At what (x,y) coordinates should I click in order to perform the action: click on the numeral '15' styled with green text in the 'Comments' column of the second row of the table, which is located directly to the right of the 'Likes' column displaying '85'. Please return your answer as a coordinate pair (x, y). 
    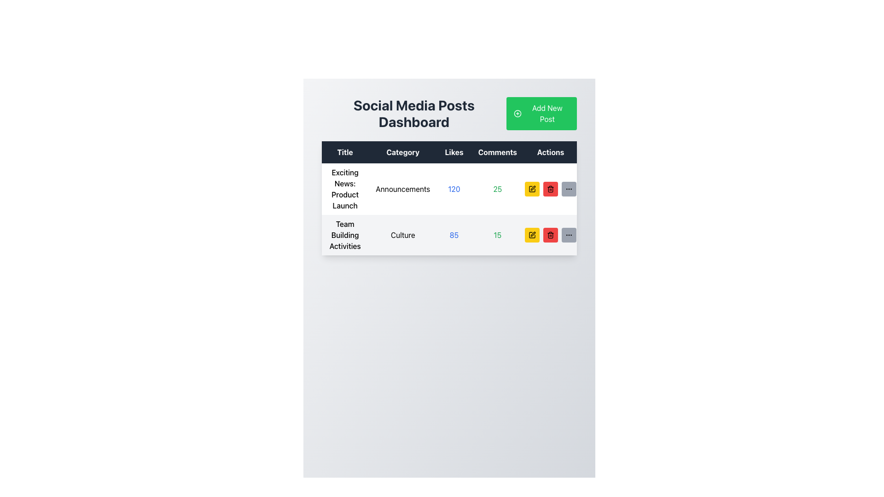
    Looking at the image, I should click on (497, 234).